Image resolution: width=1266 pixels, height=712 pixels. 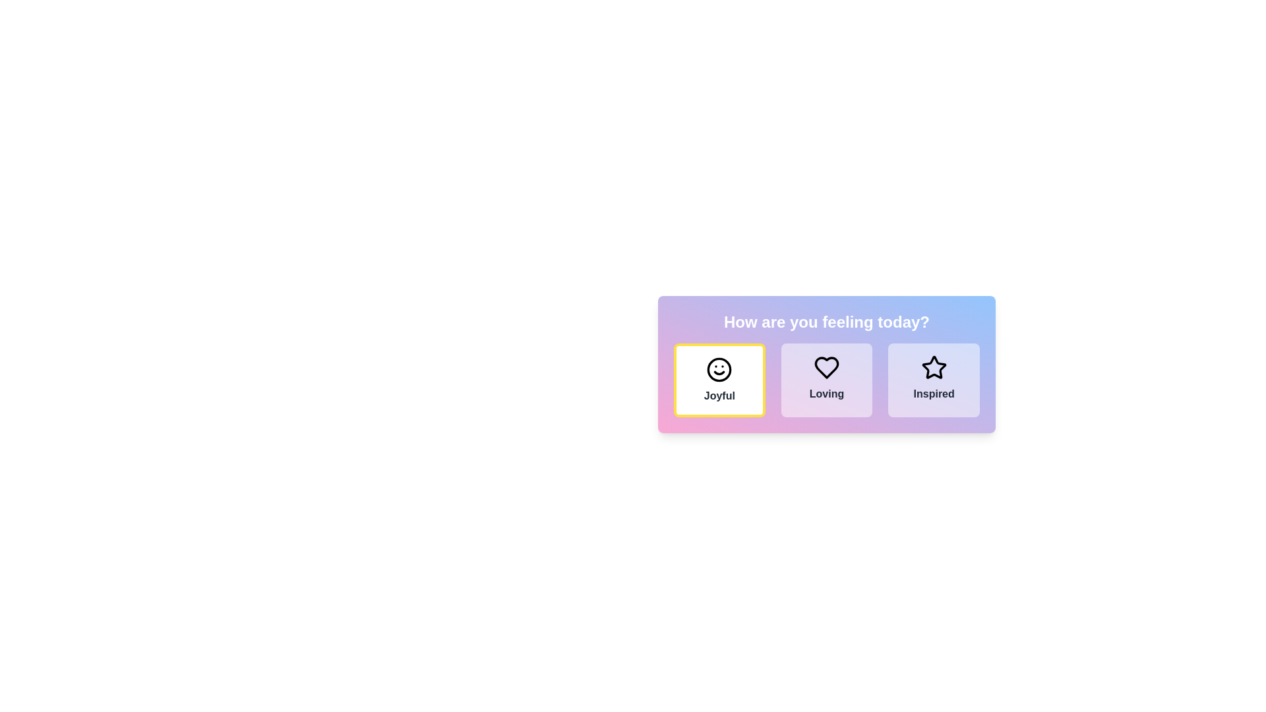 What do you see at coordinates (826, 380) in the screenshot?
I see `the 'Loving' emotion button located between the 'Joyful' and 'Inspired' options under the query 'How are you feeling today?'` at bounding box center [826, 380].